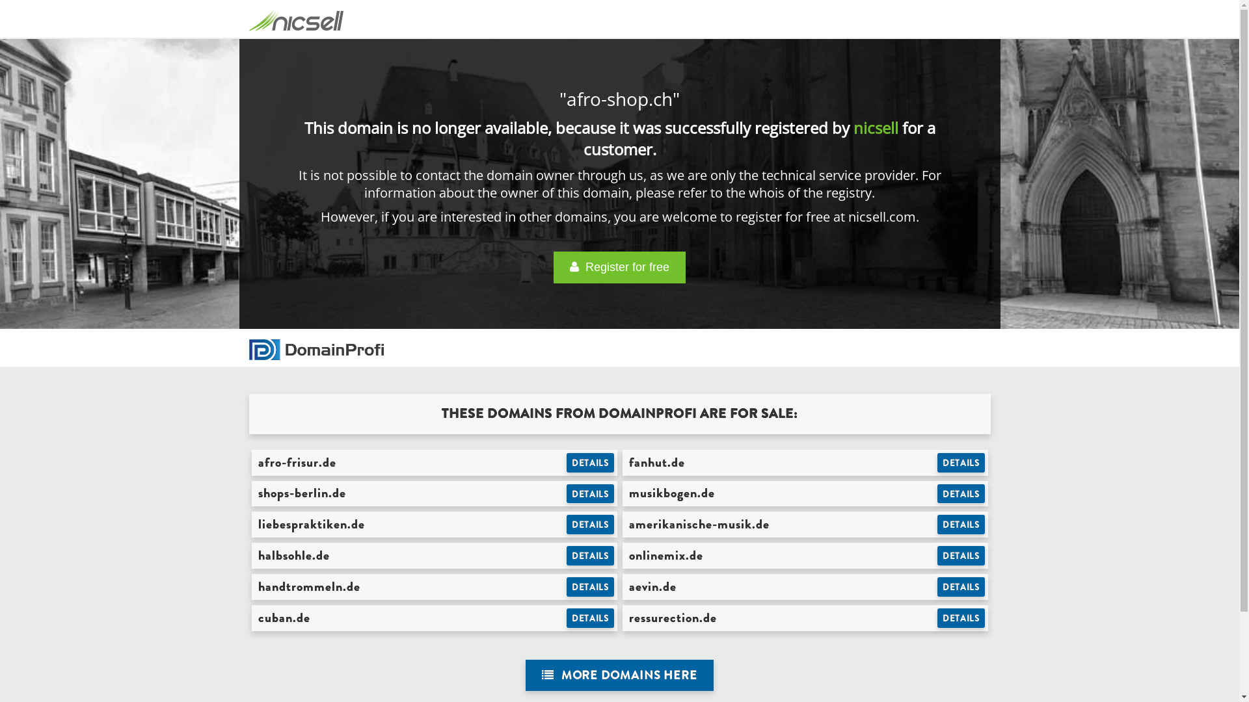 Image resolution: width=1249 pixels, height=702 pixels. I want to click on 'DETAILS', so click(961, 462).